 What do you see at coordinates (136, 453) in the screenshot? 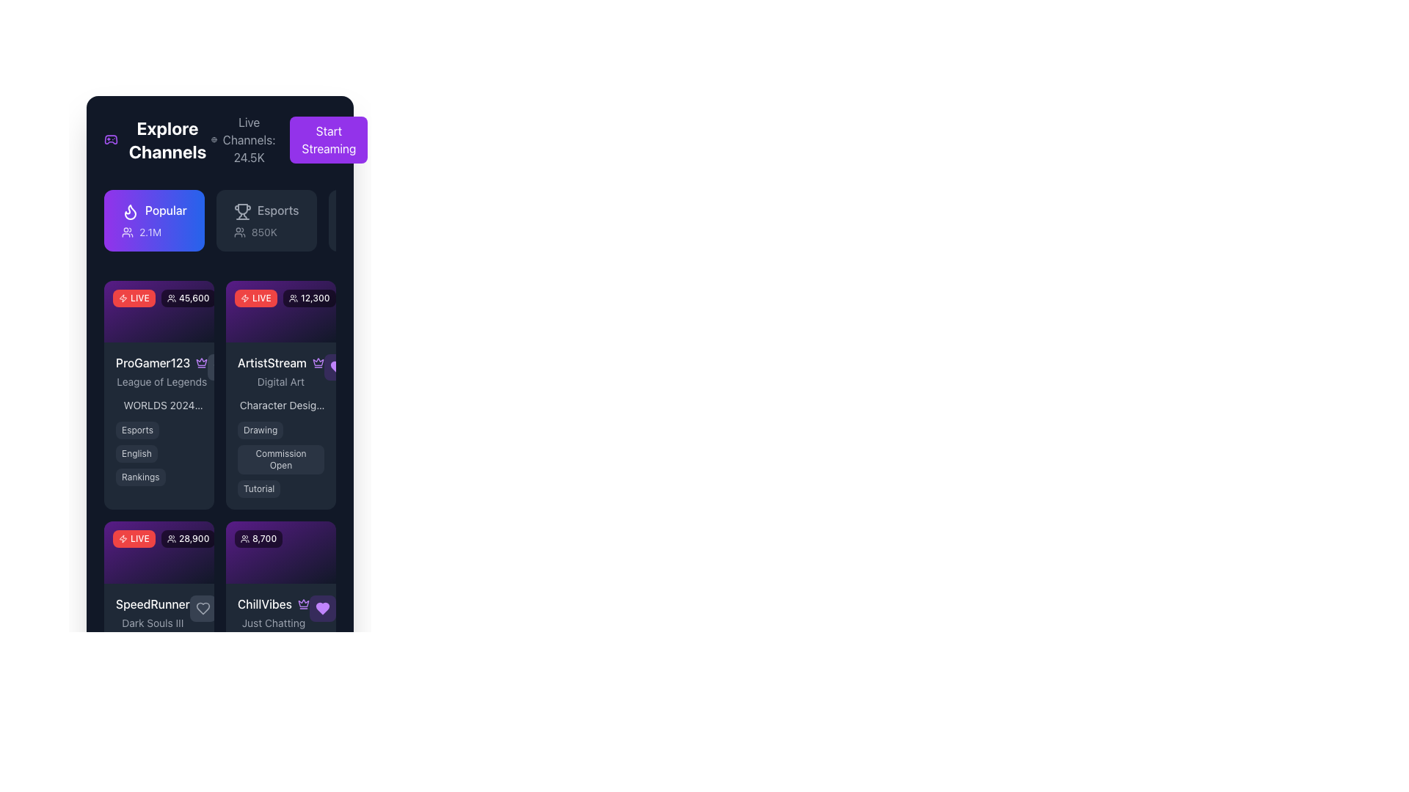
I see `the 'English' tag element, which represents the language of the associated content and is centrally located in the leftmost column of content cards, positioned second among the siblings 'Esports' and 'Rankings'` at bounding box center [136, 453].